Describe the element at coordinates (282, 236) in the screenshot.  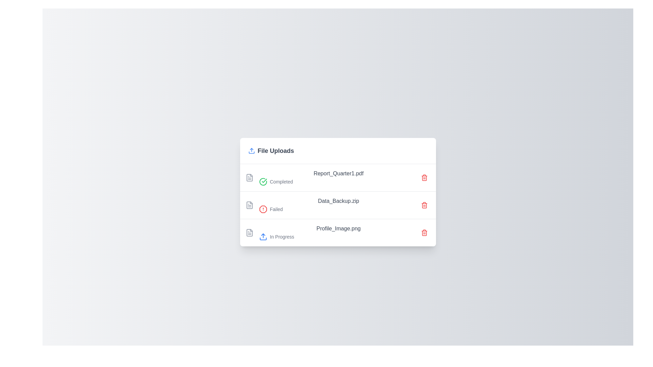
I see `text of the upload status label indicating the ongoing upload process of 'Profile_Image.png' located under the 'File Uploads' section` at that location.